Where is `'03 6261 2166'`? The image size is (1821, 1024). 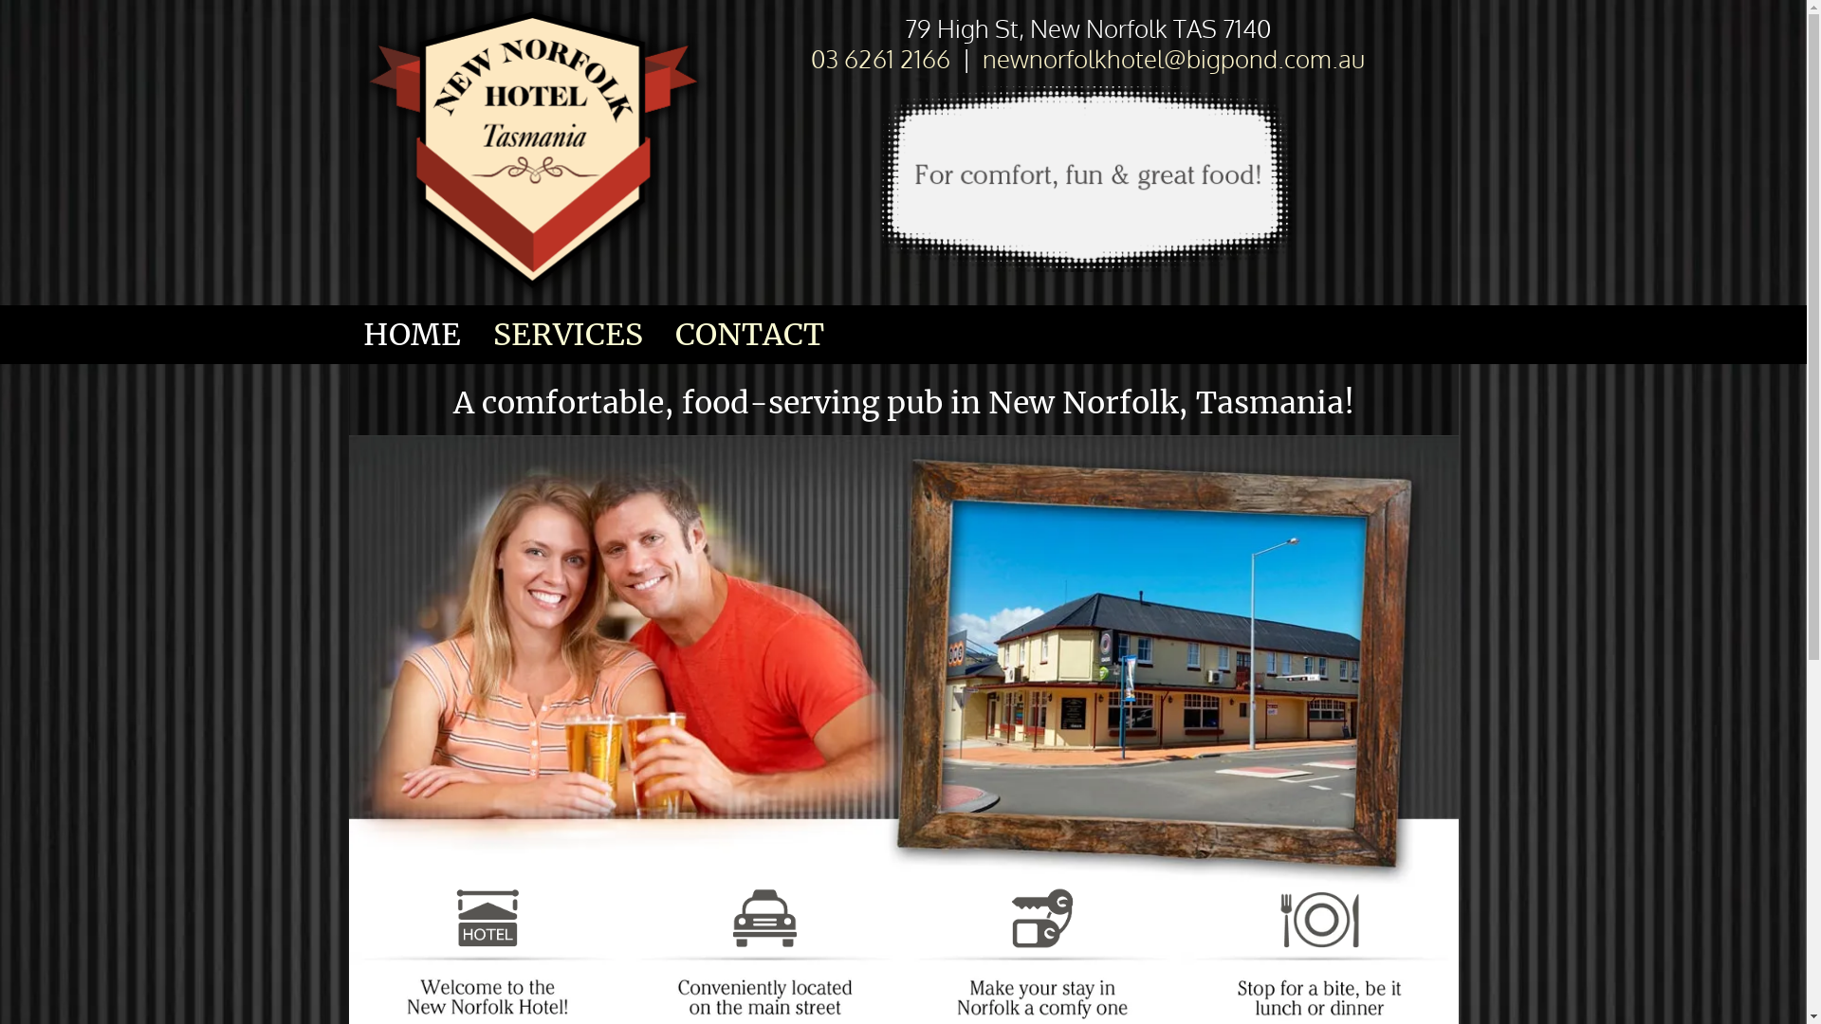
'03 6261 2166' is located at coordinates (879, 57).